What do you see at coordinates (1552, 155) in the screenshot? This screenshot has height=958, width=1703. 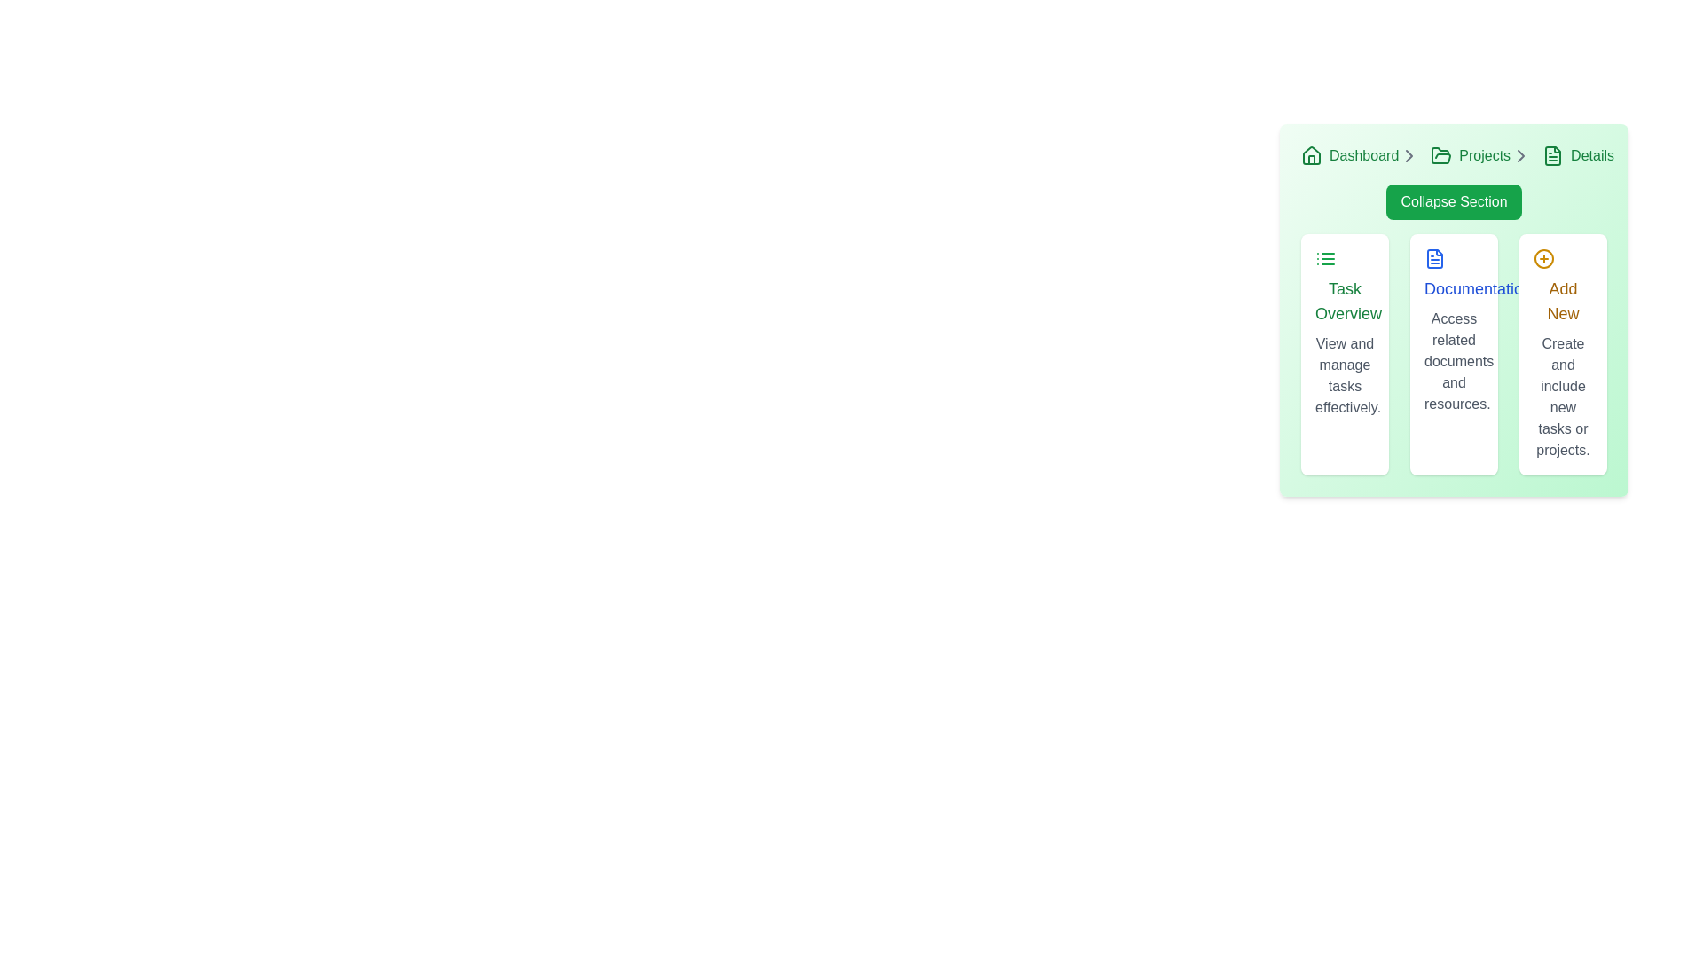 I see `the document icon with a green outline located next to the 'Details' text in the breadcrumb navigation bar at the top-right of the green-card interface` at bounding box center [1552, 155].